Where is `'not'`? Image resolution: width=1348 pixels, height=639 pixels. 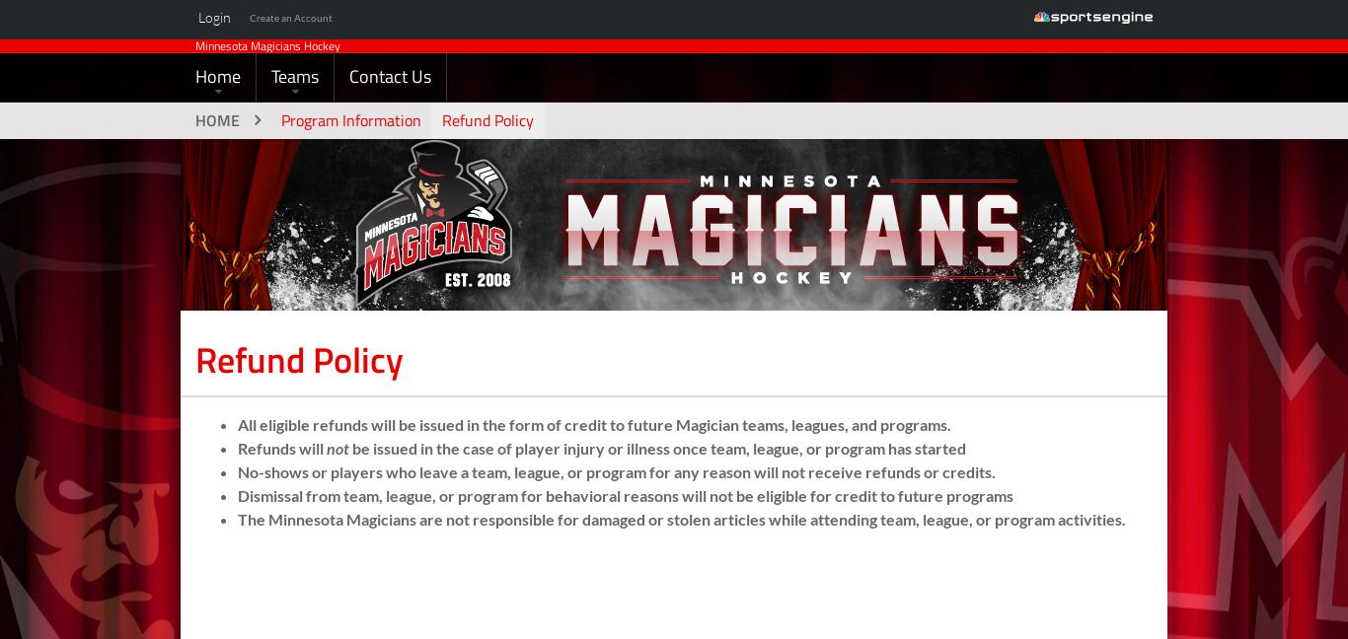 'not' is located at coordinates (337, 482).